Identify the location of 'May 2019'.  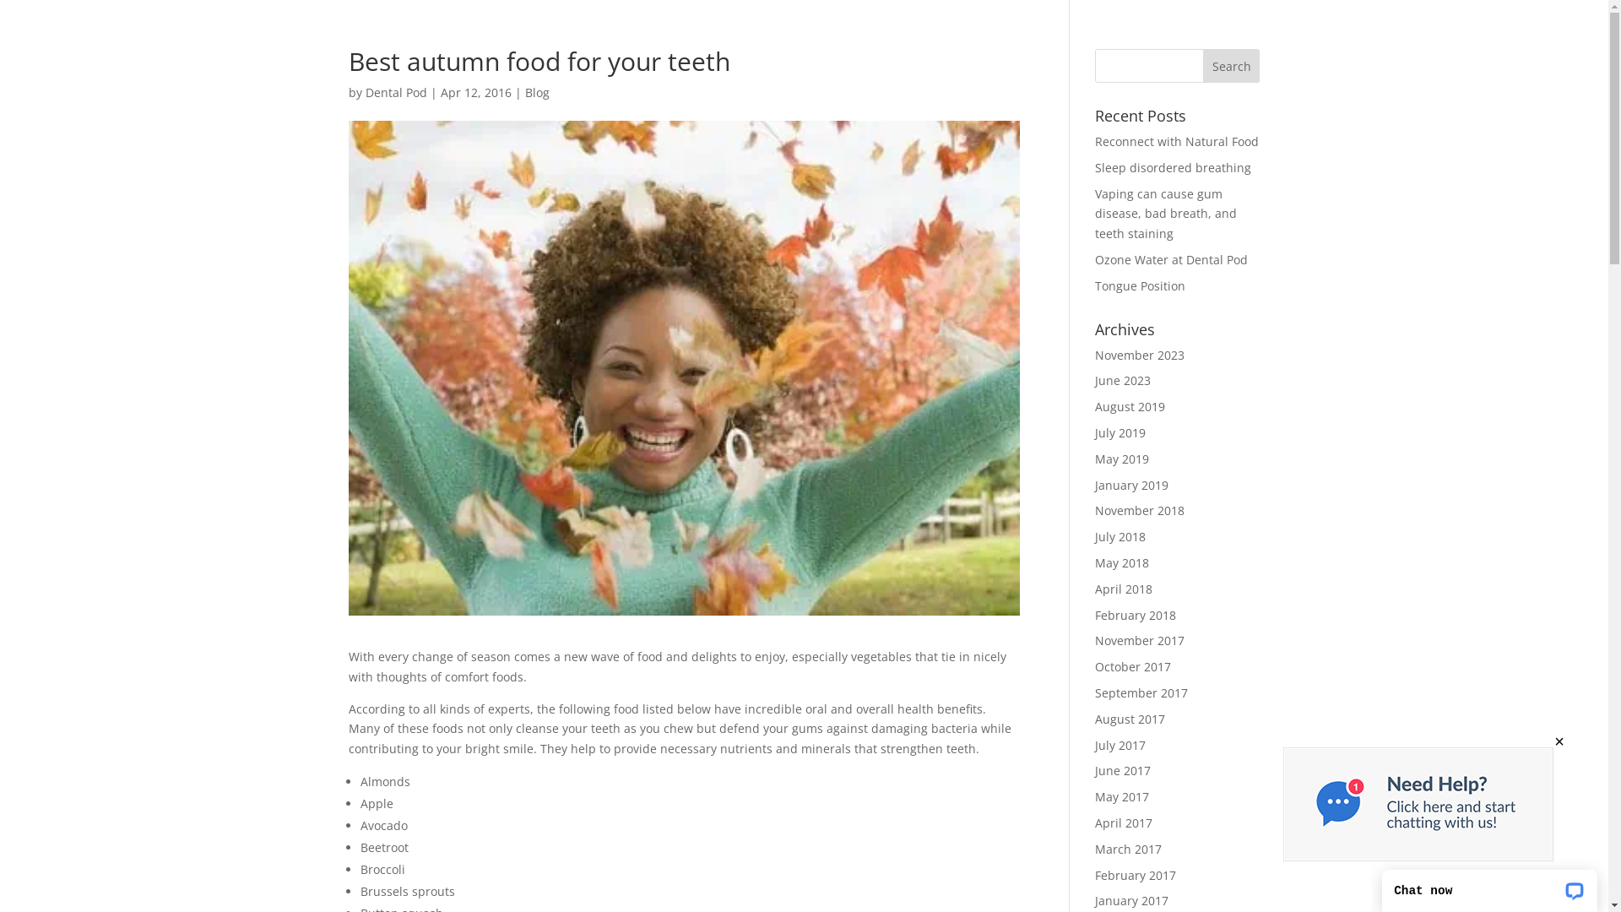
(1122, 459).